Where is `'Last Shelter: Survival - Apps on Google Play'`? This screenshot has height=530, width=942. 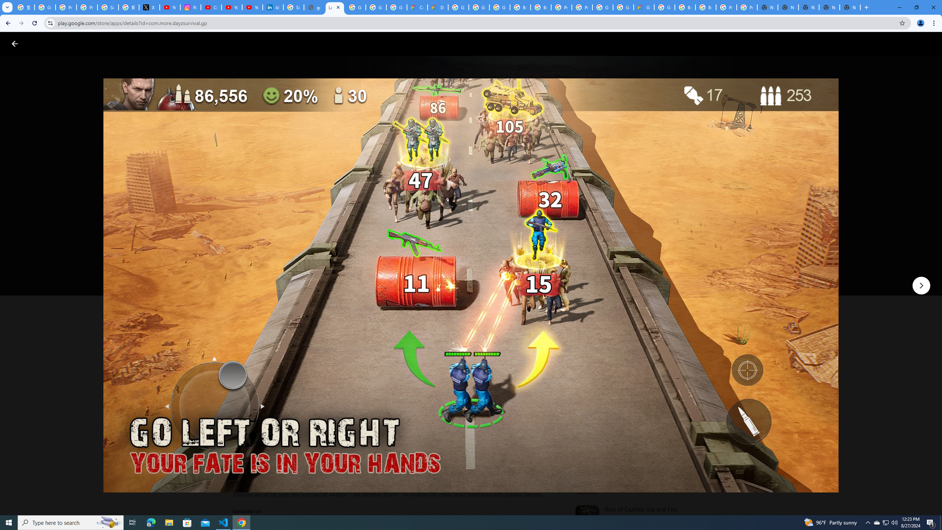 'Last Shelter: Survival - Apps on Google Play' is located at coordinates (334, 7).